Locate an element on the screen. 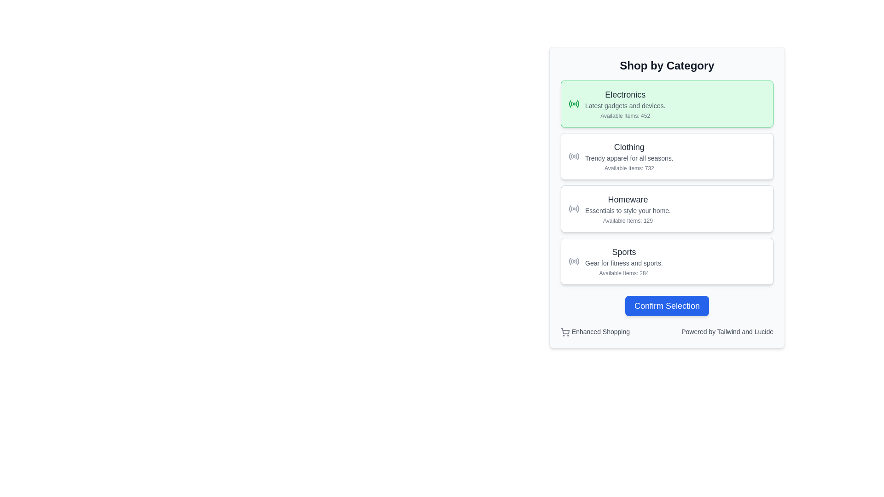 This screenshot has height=497, width=884. the text element reading 'Latest gadgets and devices.' which is styled in a small-sized gray font and positioned under the main heading 'Electronics' within a green-bordered box is located at coordinates (625, 105).